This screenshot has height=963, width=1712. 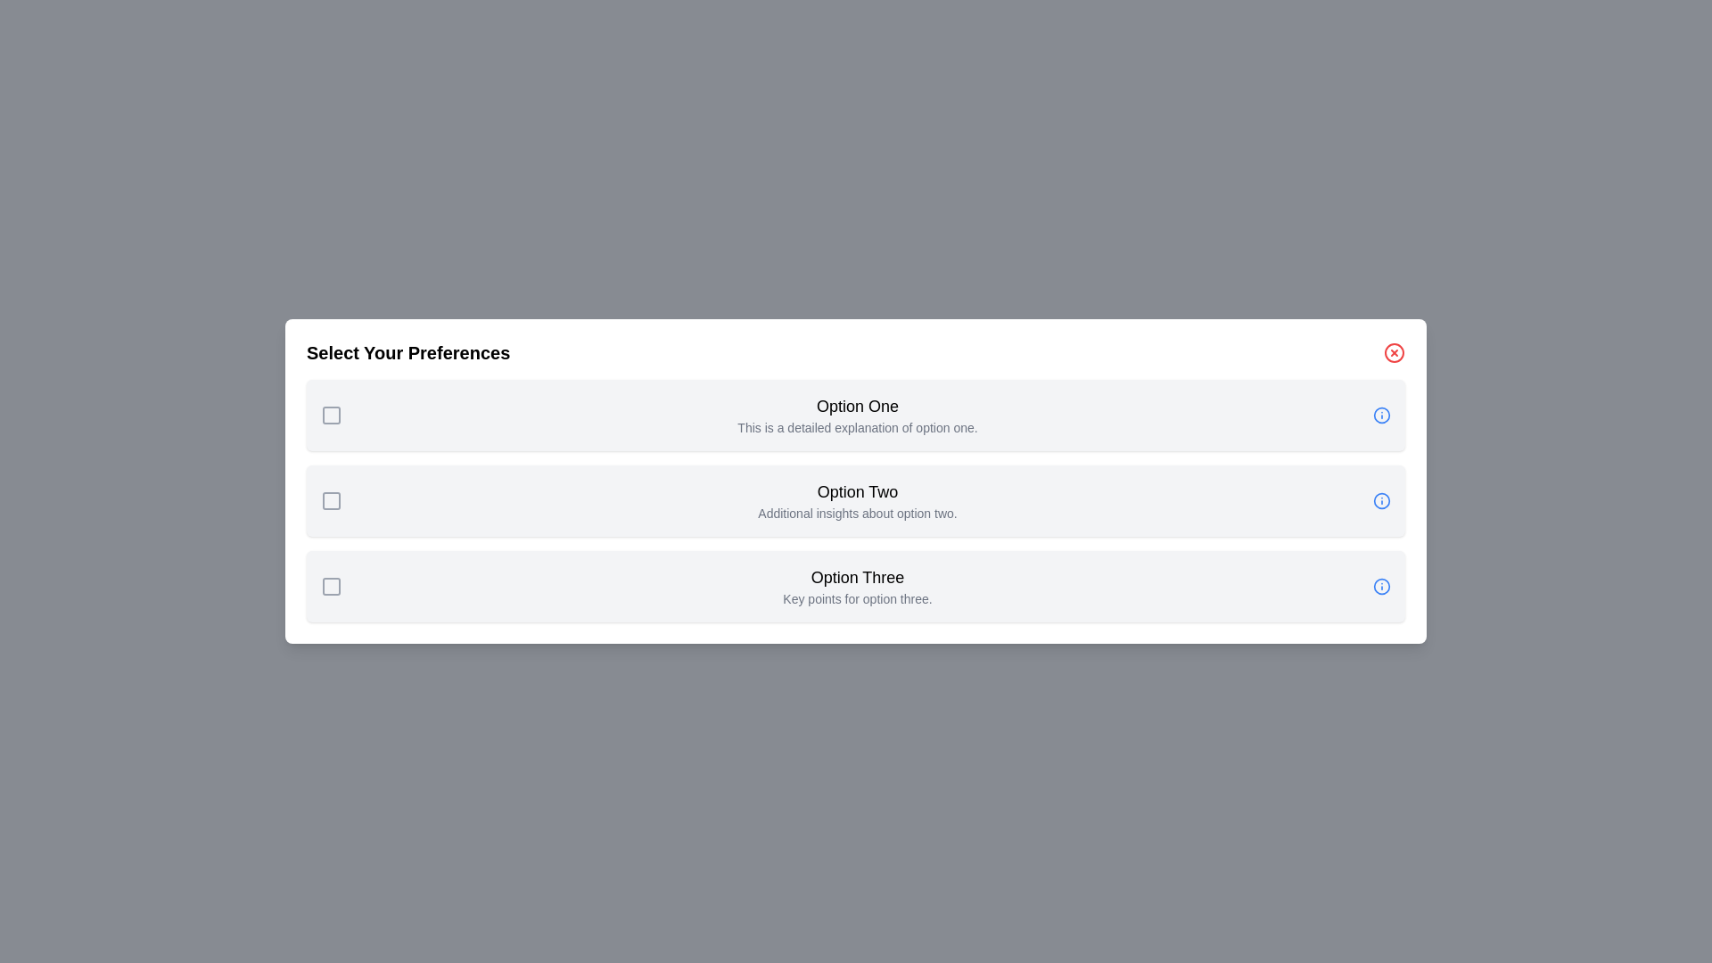 What do you see at coordinates (857, 587) in the screenshot?
I see `the text label titled 'Option Three' which includes the subtitle 'Key points for option three.'` at bounding box center [857, 587].